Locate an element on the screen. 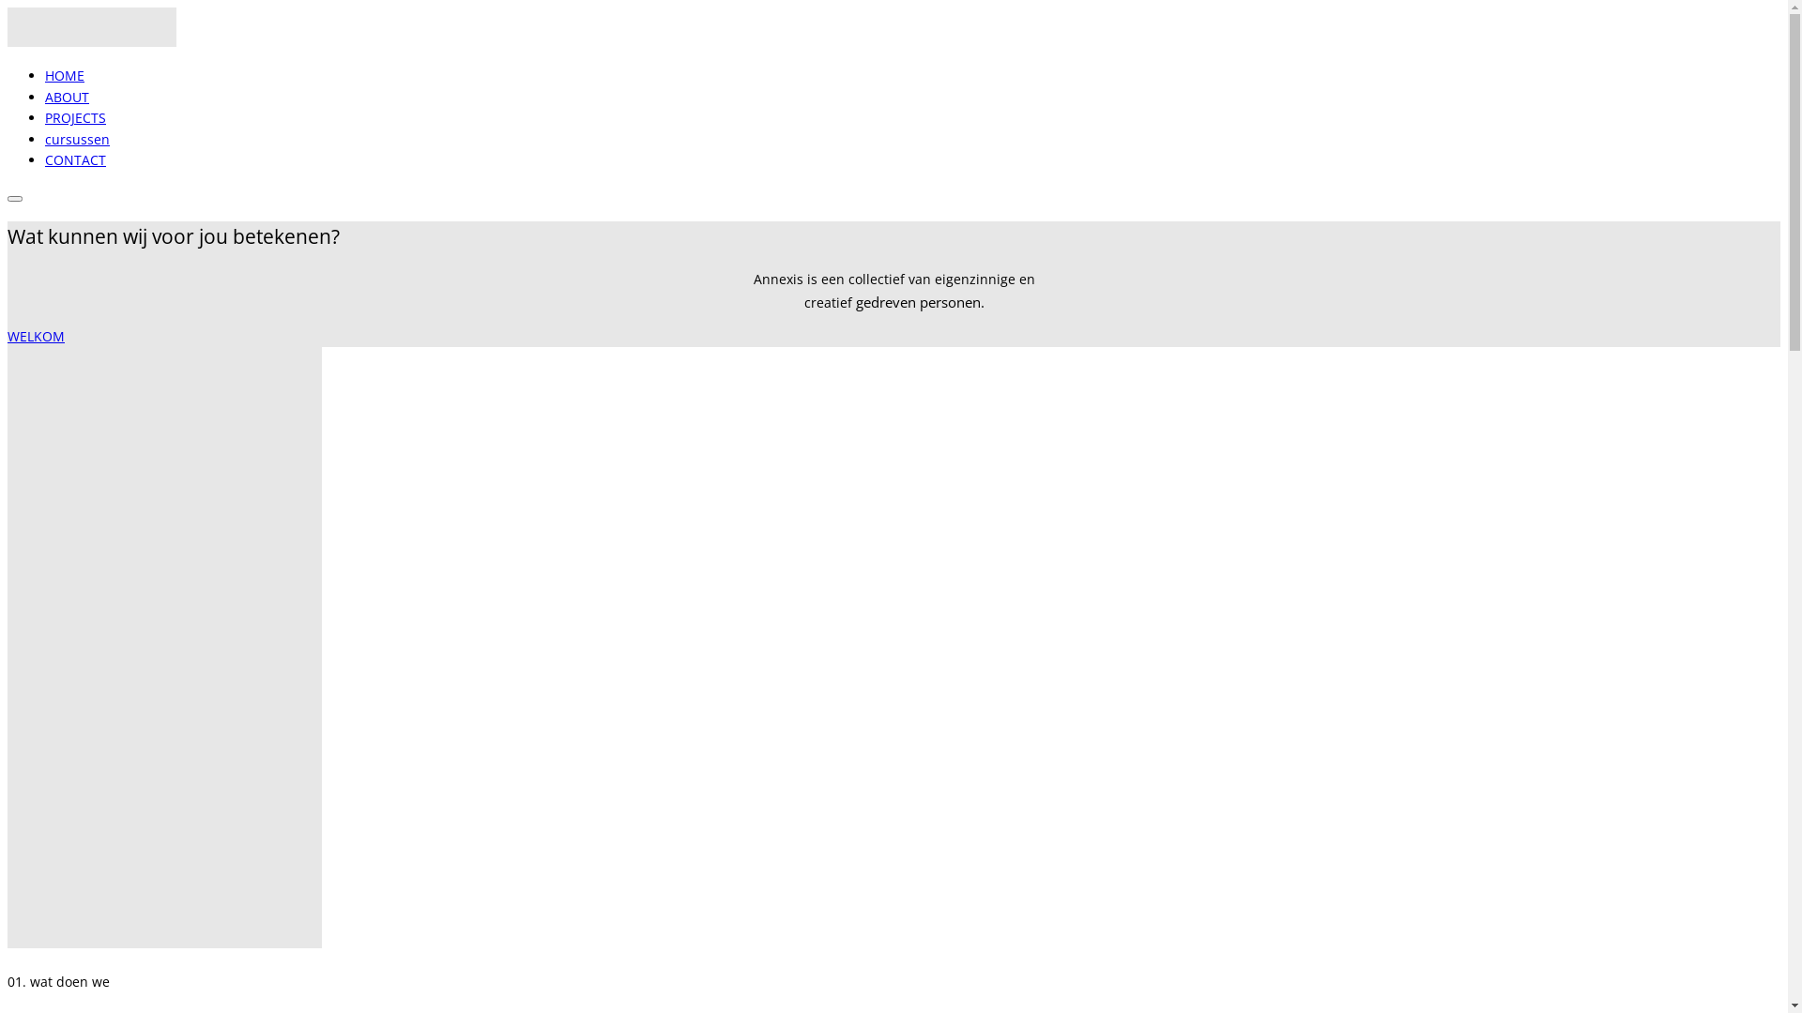  'WELKOM' is located at coordinates (8, 335).